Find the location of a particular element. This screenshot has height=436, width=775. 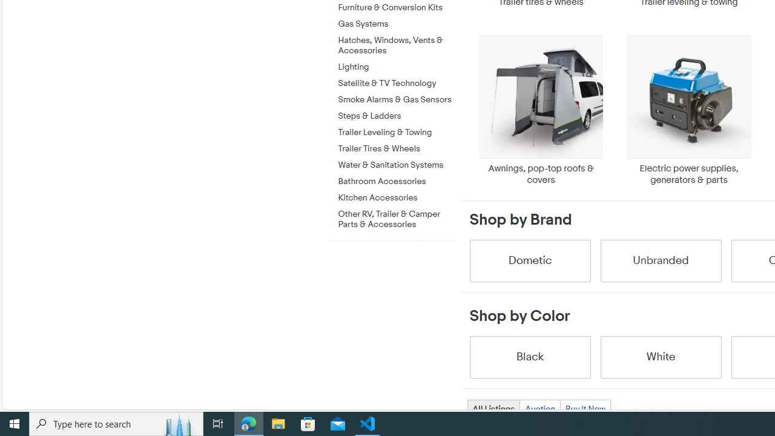

'Gas Systems' is located at coordinates (395, 24).